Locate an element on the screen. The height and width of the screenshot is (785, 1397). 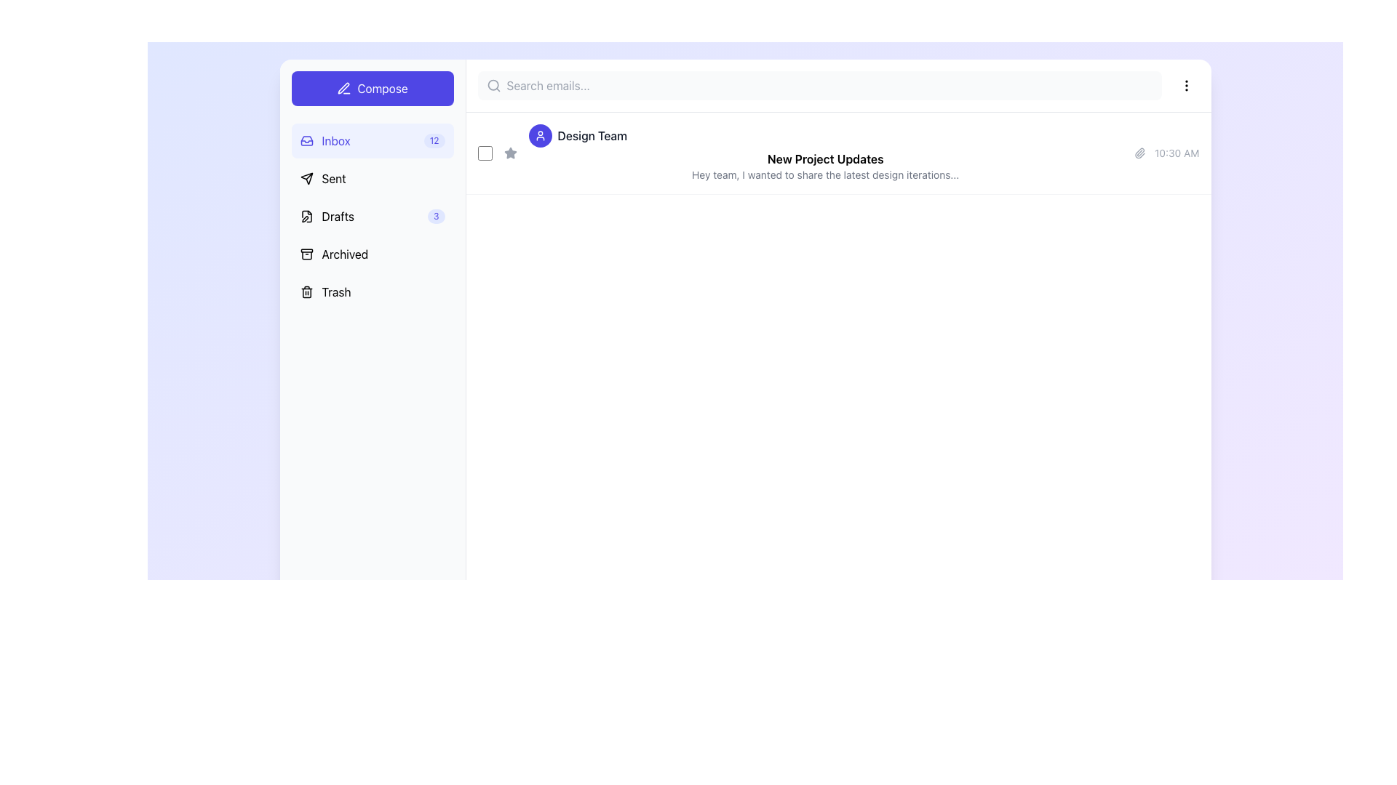
user account SVG icon located within a circular button on the left side of the email entry for 'Design Team.' is located at coordinates (539, 135).